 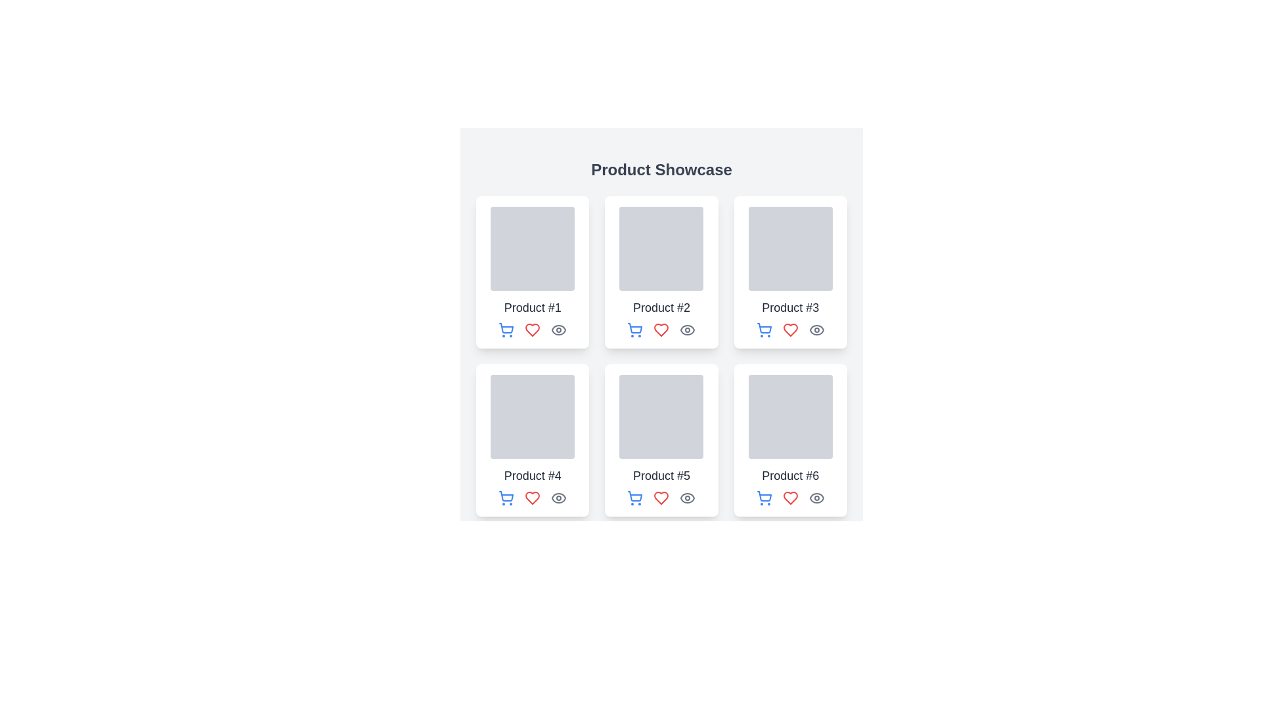 What do you see at coordinates (635, 496) in the screenshot?
I see `the shopping cart icon located in the fifth card of the 'Product Showcase' section` at bounding box center [635, 496].